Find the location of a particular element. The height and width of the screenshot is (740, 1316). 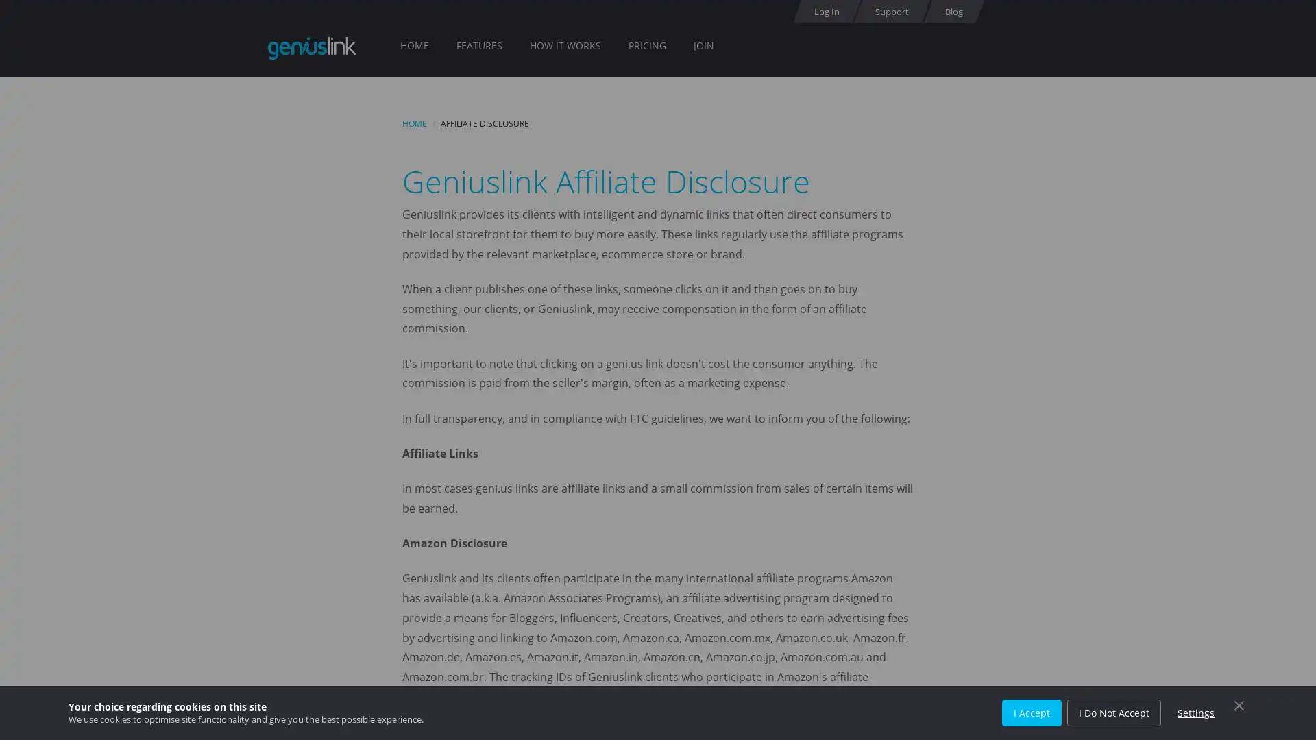

Settings is located at coordinates (1195, 712).